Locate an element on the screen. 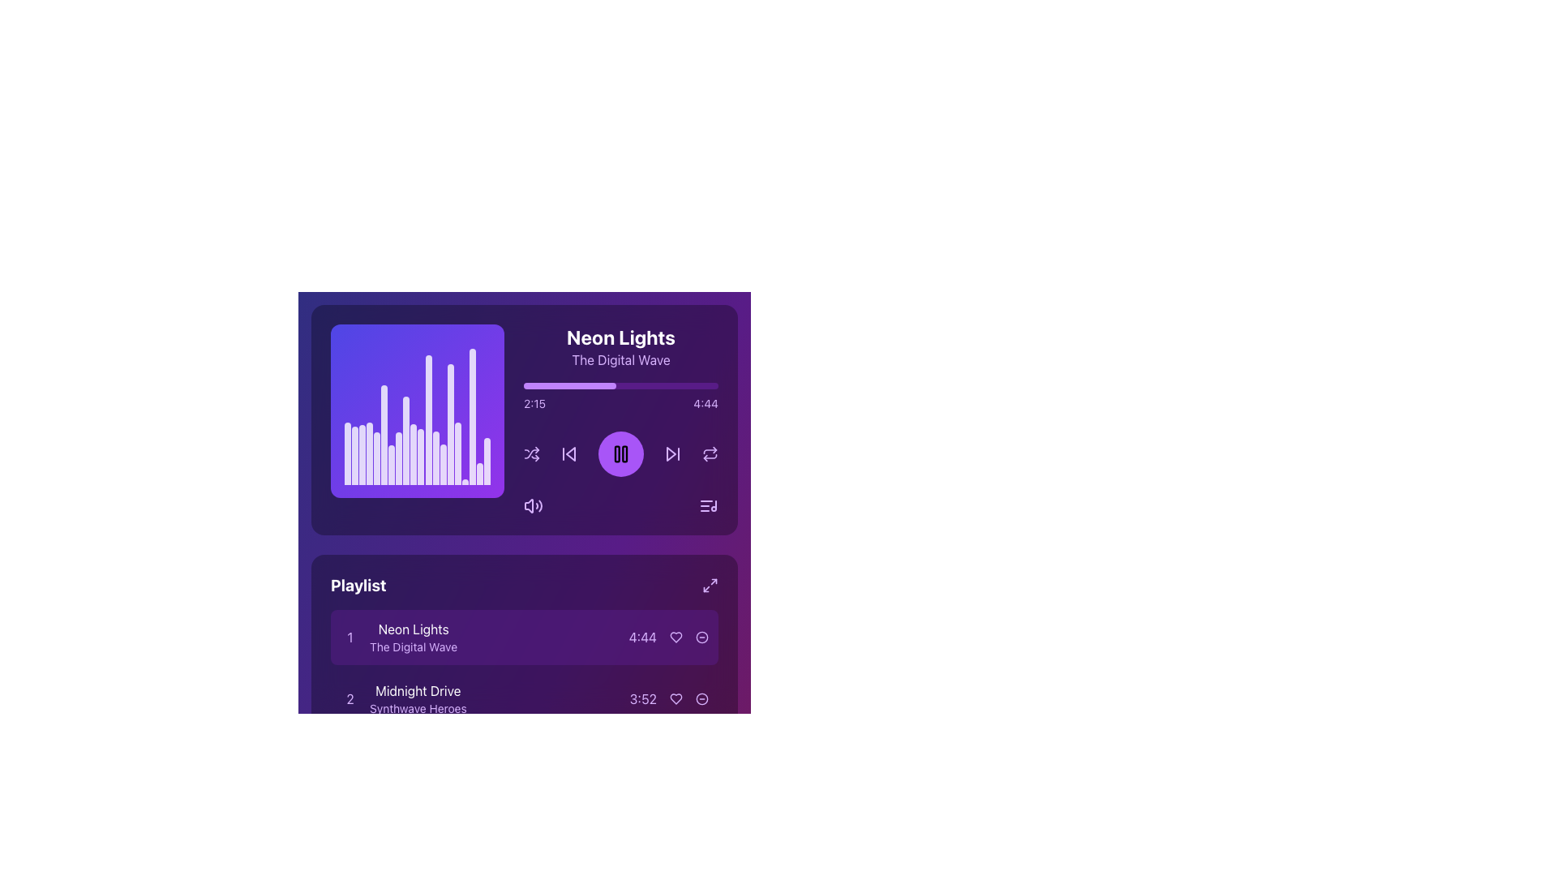  the volume control icon, which indicates a muted audio state is located at coordinates (529, 505).